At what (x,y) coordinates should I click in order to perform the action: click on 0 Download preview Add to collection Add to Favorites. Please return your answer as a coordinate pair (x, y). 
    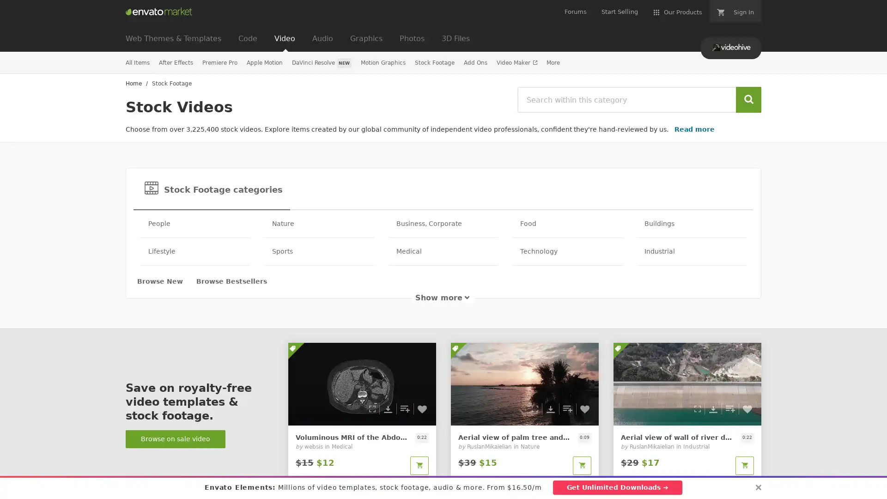
    Looking at the image, I should click on (361, 384).